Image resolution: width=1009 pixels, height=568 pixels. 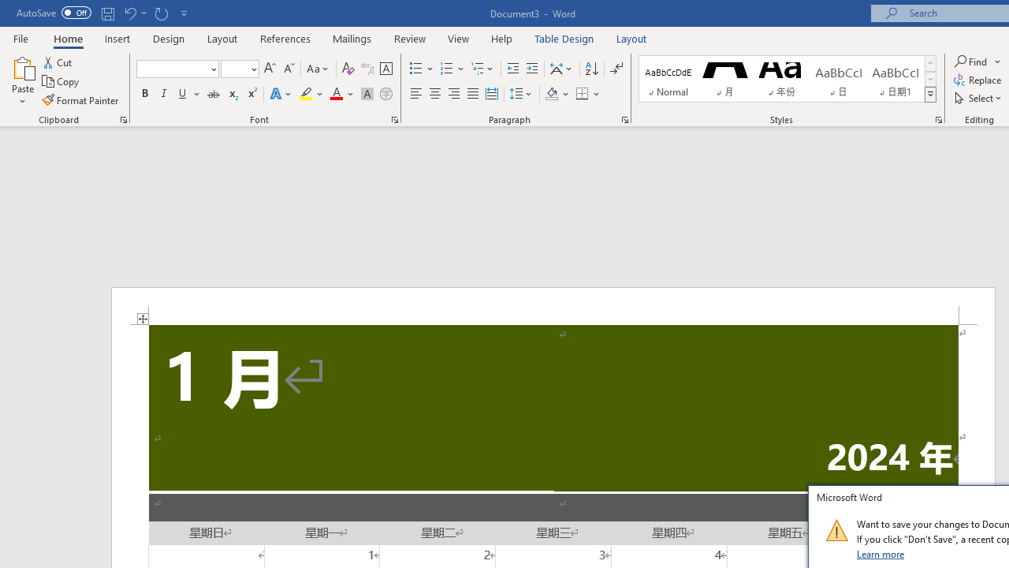 What do you see at coordinates (348, 68) in the screenshot?
I see `'Clear Formatting'` at bounding box center [348, 68].